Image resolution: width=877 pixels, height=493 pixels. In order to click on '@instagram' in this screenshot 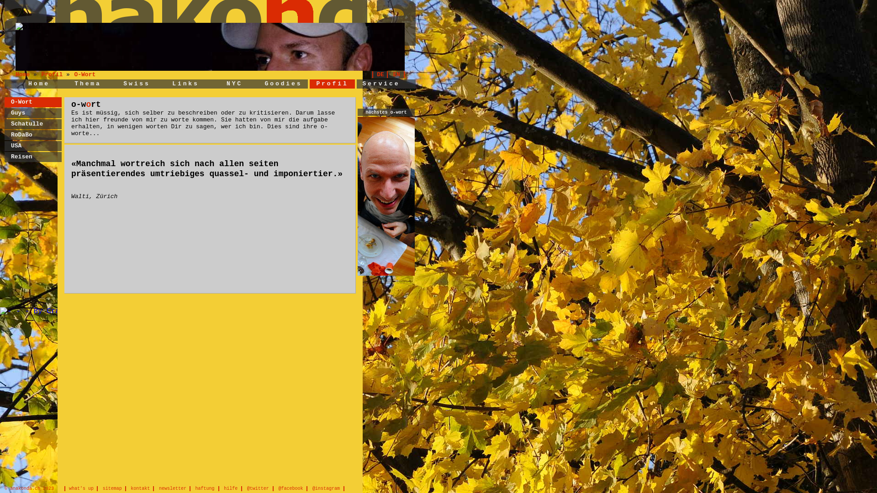, I will do `click(328, 488)`.